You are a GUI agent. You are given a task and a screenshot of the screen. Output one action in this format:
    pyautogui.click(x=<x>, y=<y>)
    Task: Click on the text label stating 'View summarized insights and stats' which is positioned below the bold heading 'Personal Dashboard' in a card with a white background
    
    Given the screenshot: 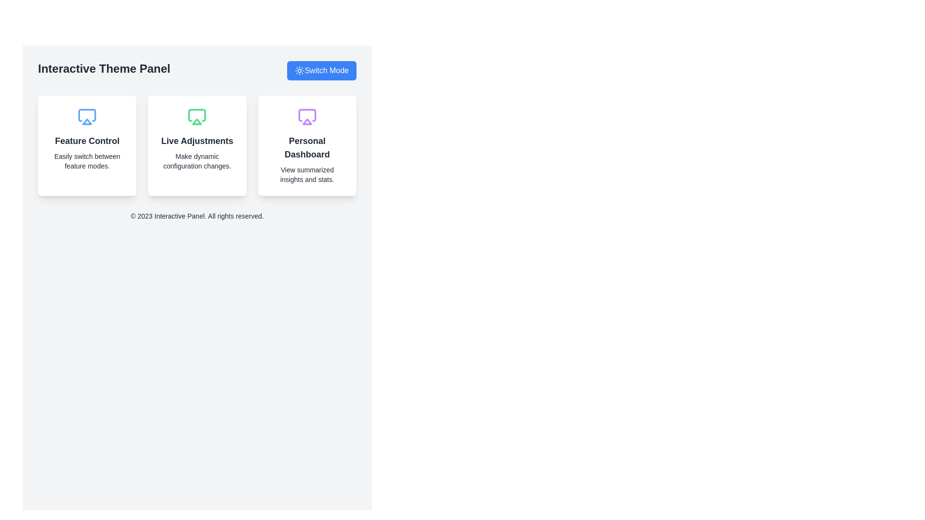 What is the action you would take?
    pyautogui.click(x=306, y=174)
    